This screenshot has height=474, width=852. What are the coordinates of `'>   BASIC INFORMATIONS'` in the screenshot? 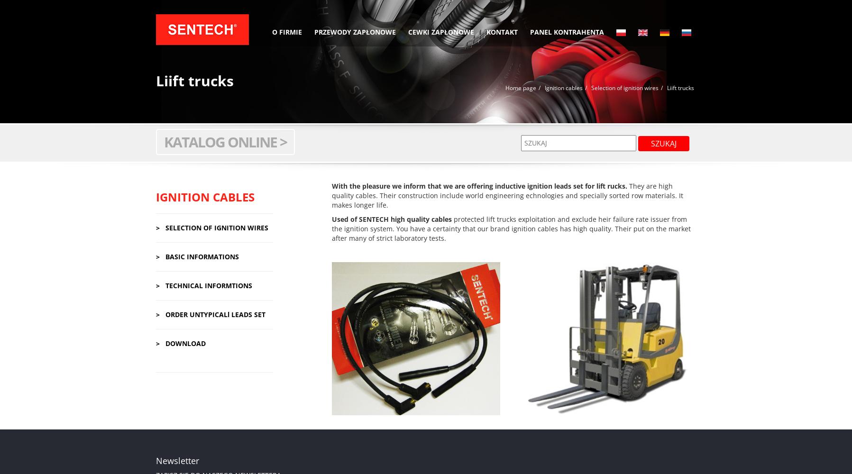 It's located at (196, 256).